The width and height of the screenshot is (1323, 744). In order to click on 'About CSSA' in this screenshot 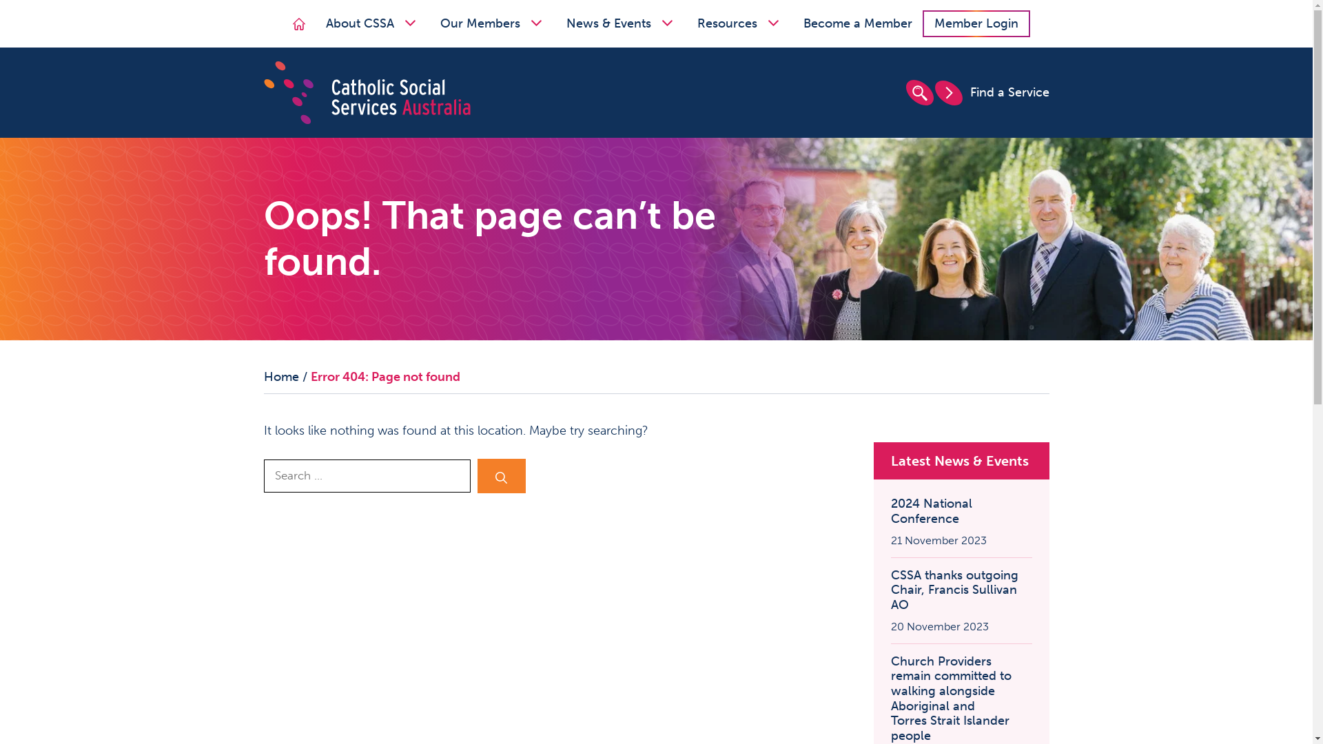, I will do `click(373, 23)`.